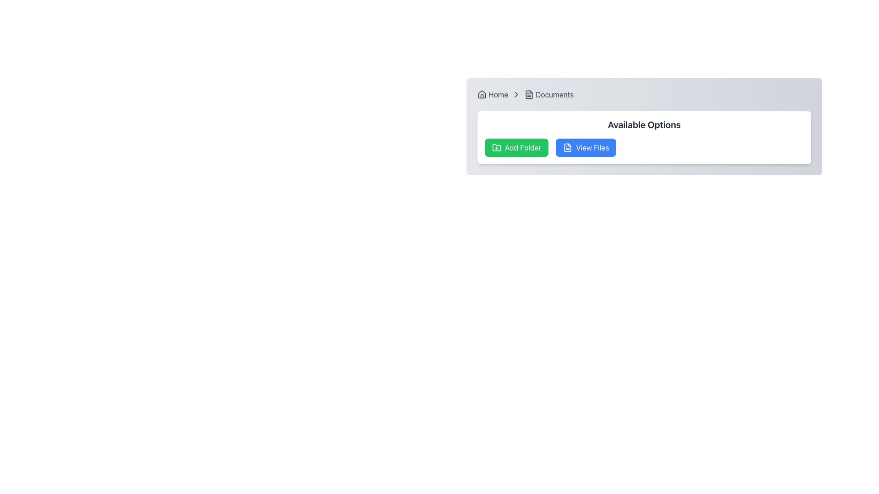  Describe the element at coordinates (554, 95) in the screenshot. I see `the 'Documents' breadcrumb link text, which is styled in medium gray and positioned at the far right of the breadcrumb navigation` at that location.